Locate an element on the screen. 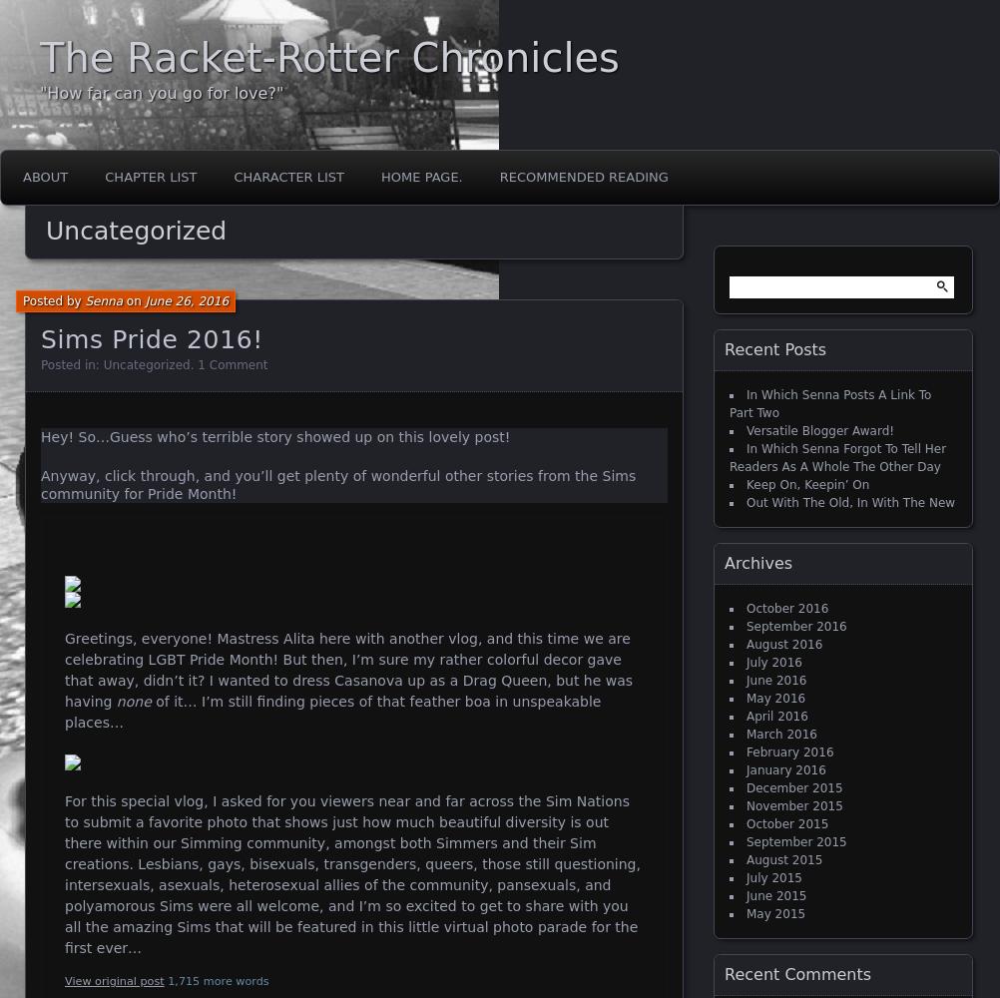  'Hey! So…Guess who’s terrible story showed up on this lovely post!' is located at coordinates (273, 436).